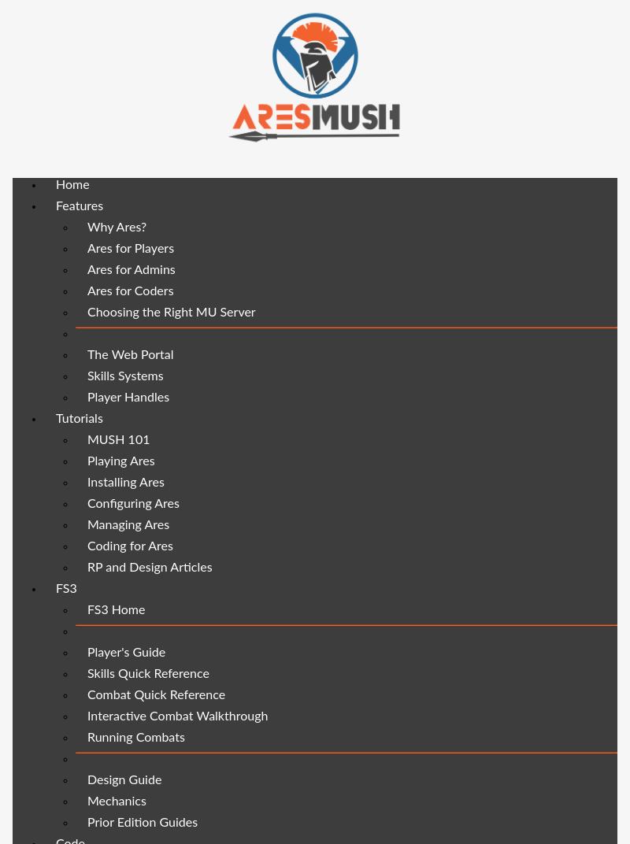  Describe the element at coordinates (135, 738) in the screenshot. I see `'Running Combats'` at that location.